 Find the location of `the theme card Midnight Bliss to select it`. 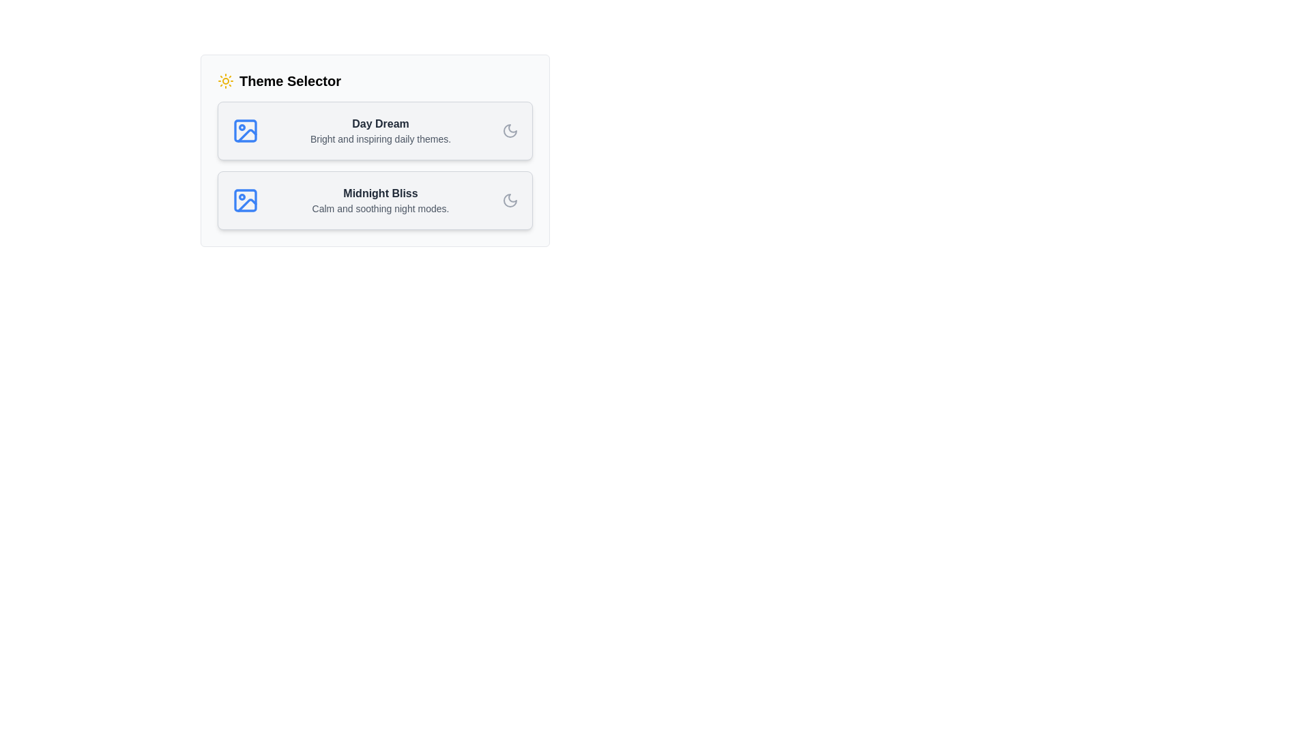

the theme card Midnight Bliss to select it is located at coordinates (375, 200).